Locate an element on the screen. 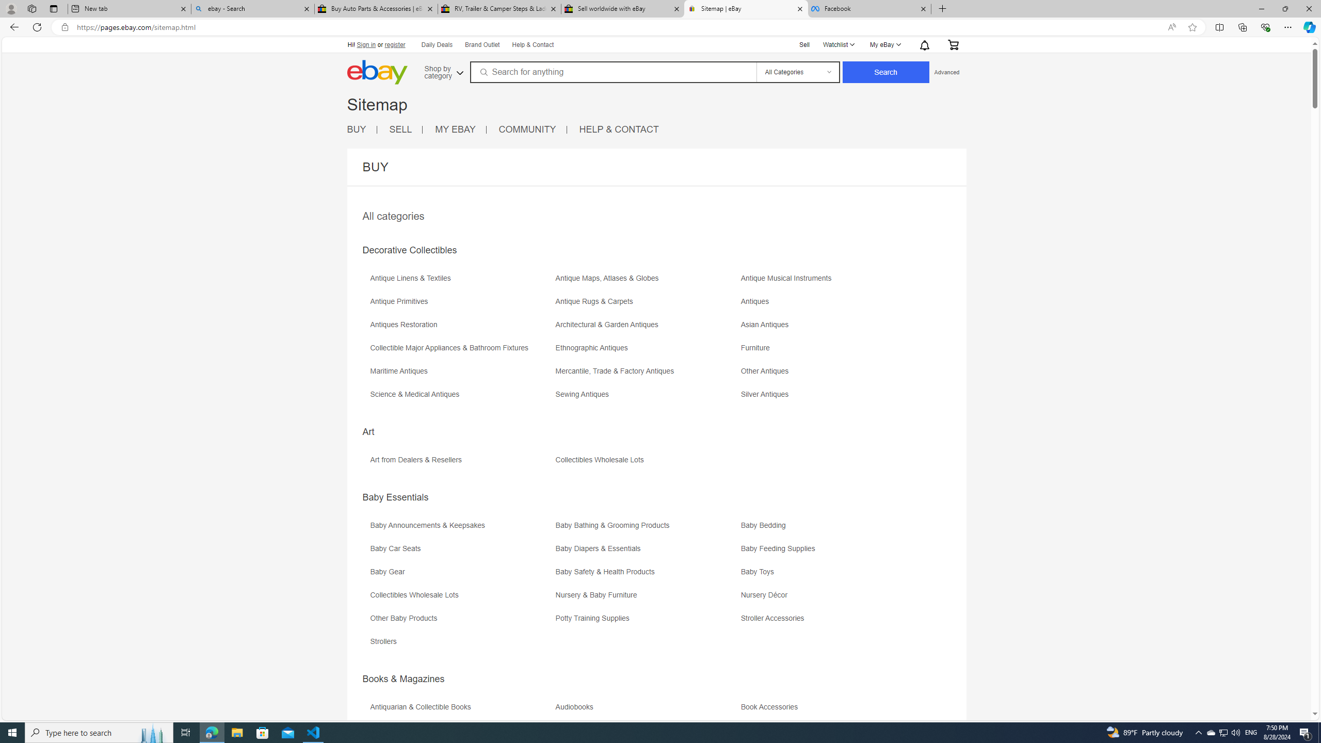 Image resolution: width=1321 pixels, height=743 pixels. 'Collectibles Wholesale Lots' is located at coordinates (416, 594).